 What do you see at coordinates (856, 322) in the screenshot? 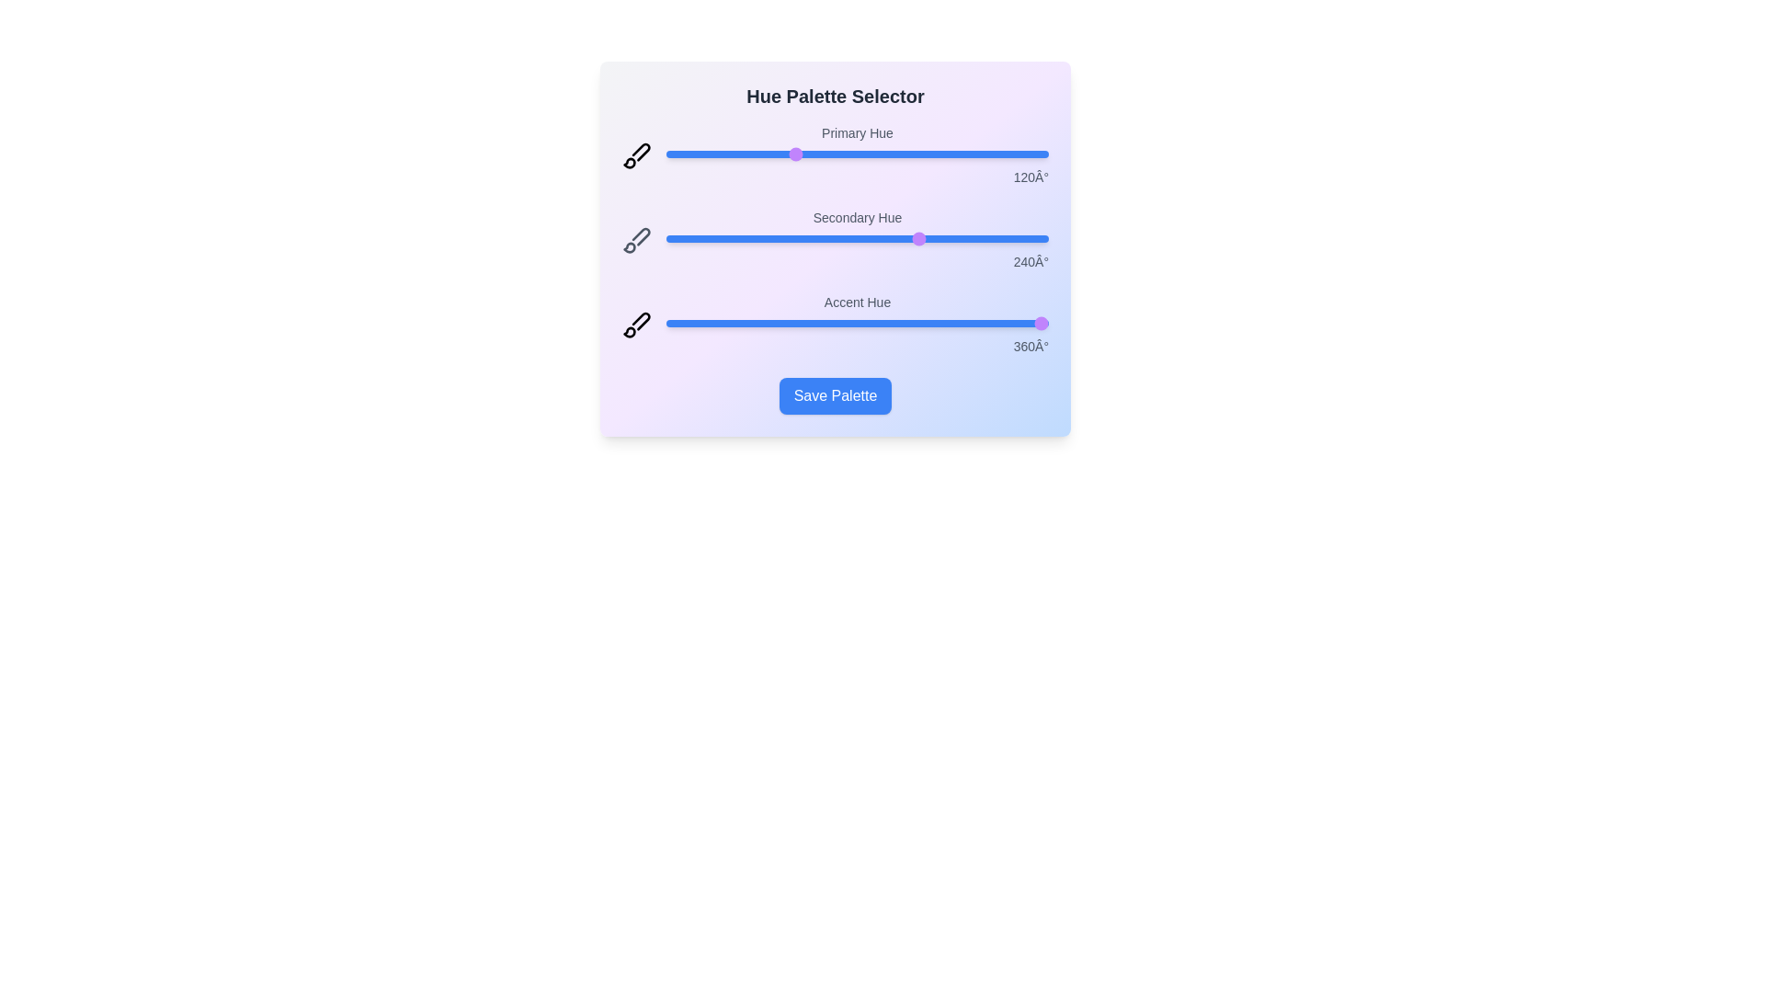
I see `the accent slider to observe its behavior` at bounding box center [856, 322].